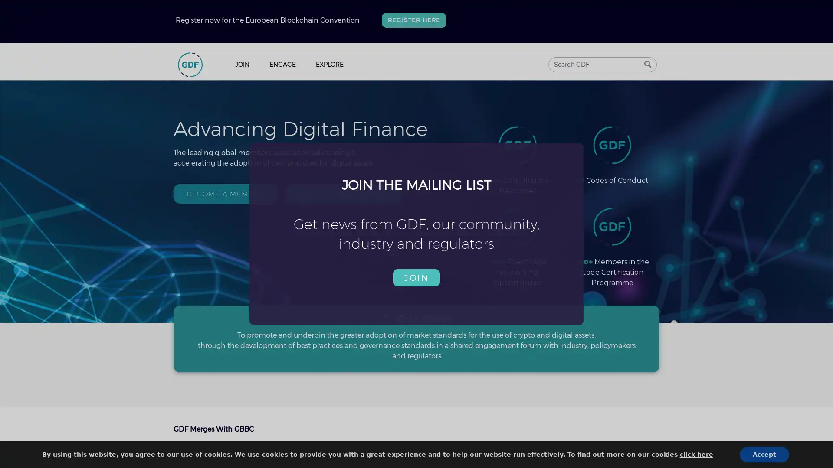 Image resolution: width=833 pixels, height=468 pixels. What do you see at coordinates (225, 193) in the screenshot?
I see `BECOME A MEMBER` at bounding box center [225, 193].